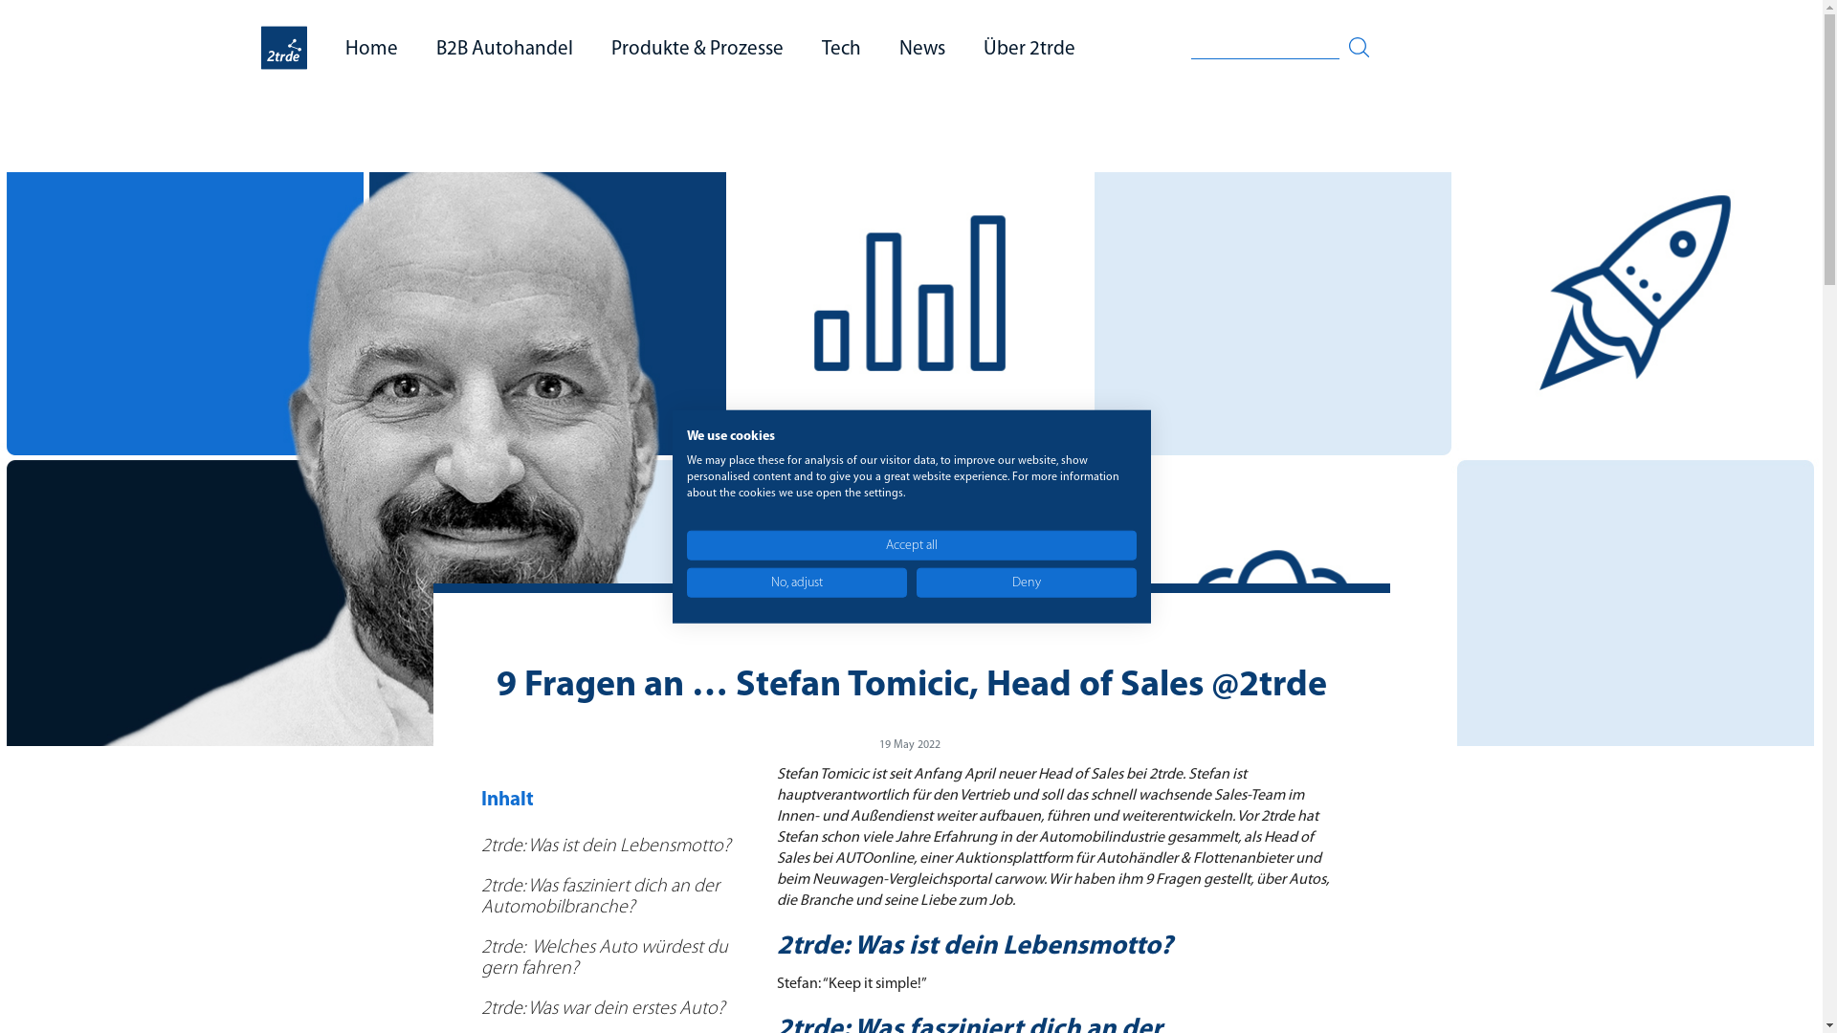  Describe the element at coordinates (898, 47) in the screenshot. I see `'News'` at that location.